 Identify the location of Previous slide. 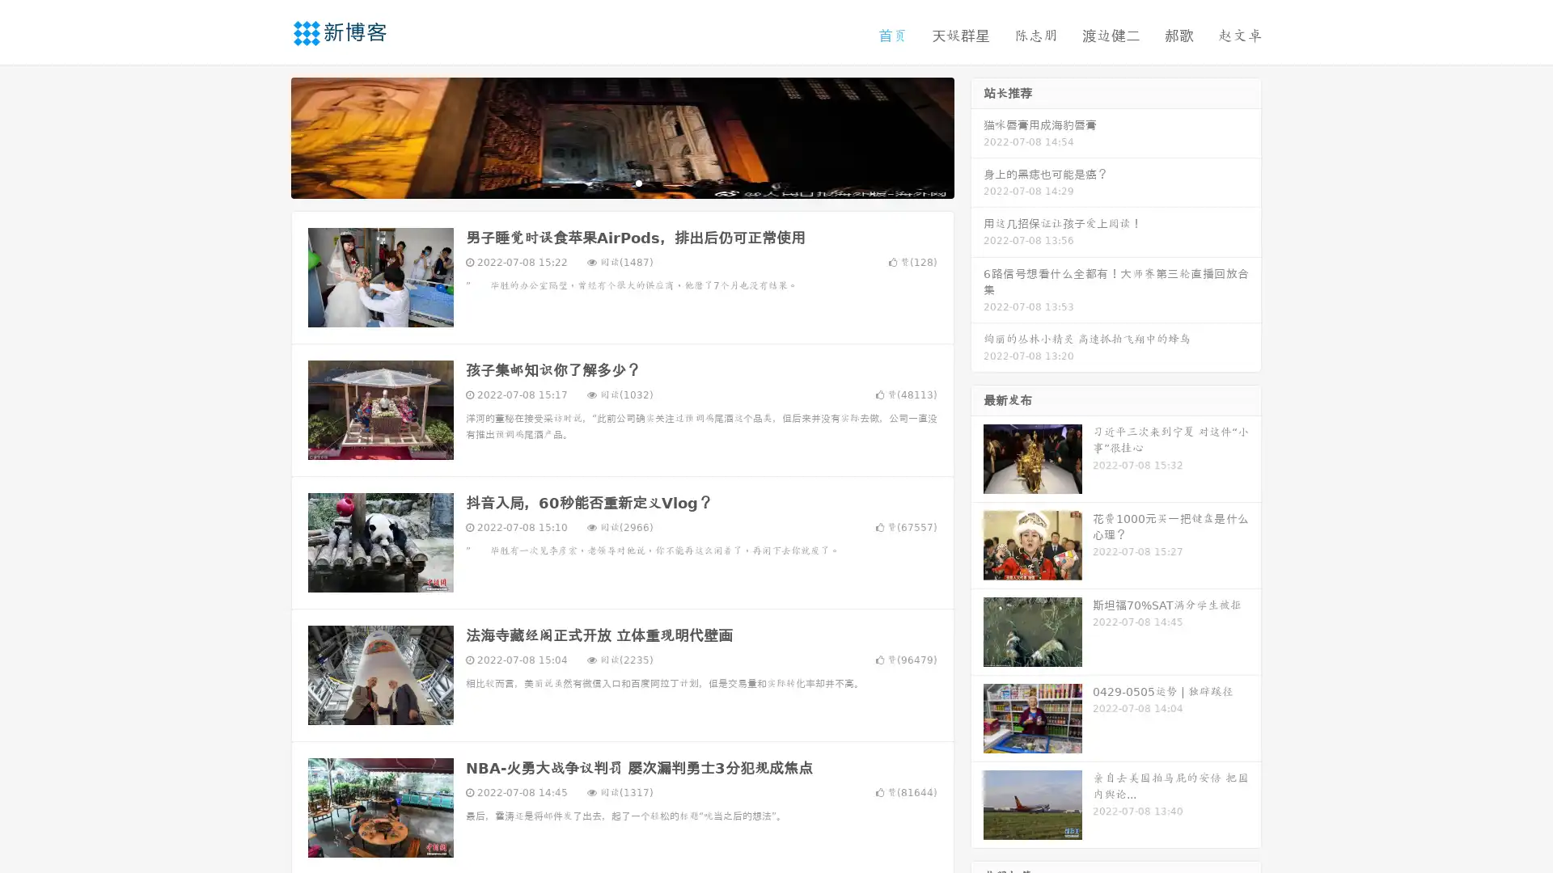
(267, 136).